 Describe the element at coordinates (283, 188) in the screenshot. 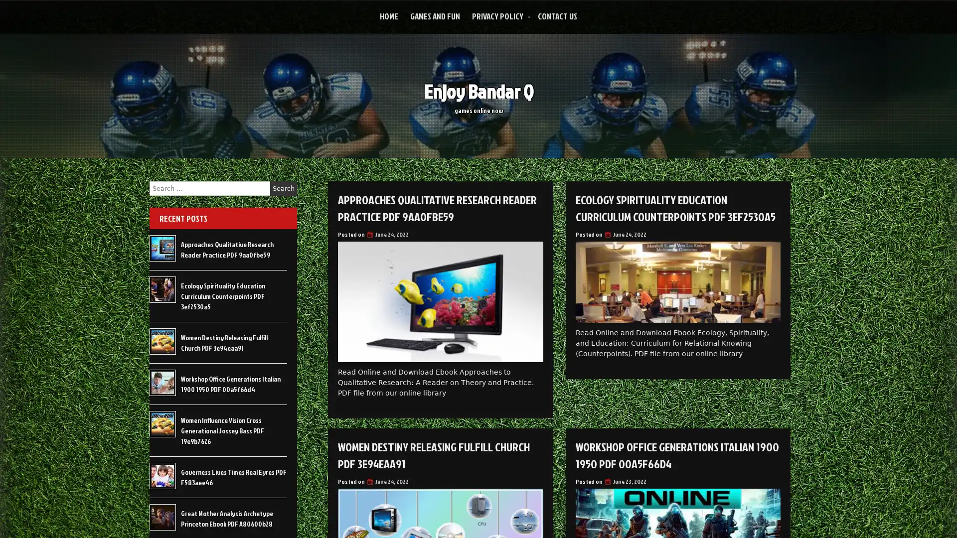

I see `Search` at that location.